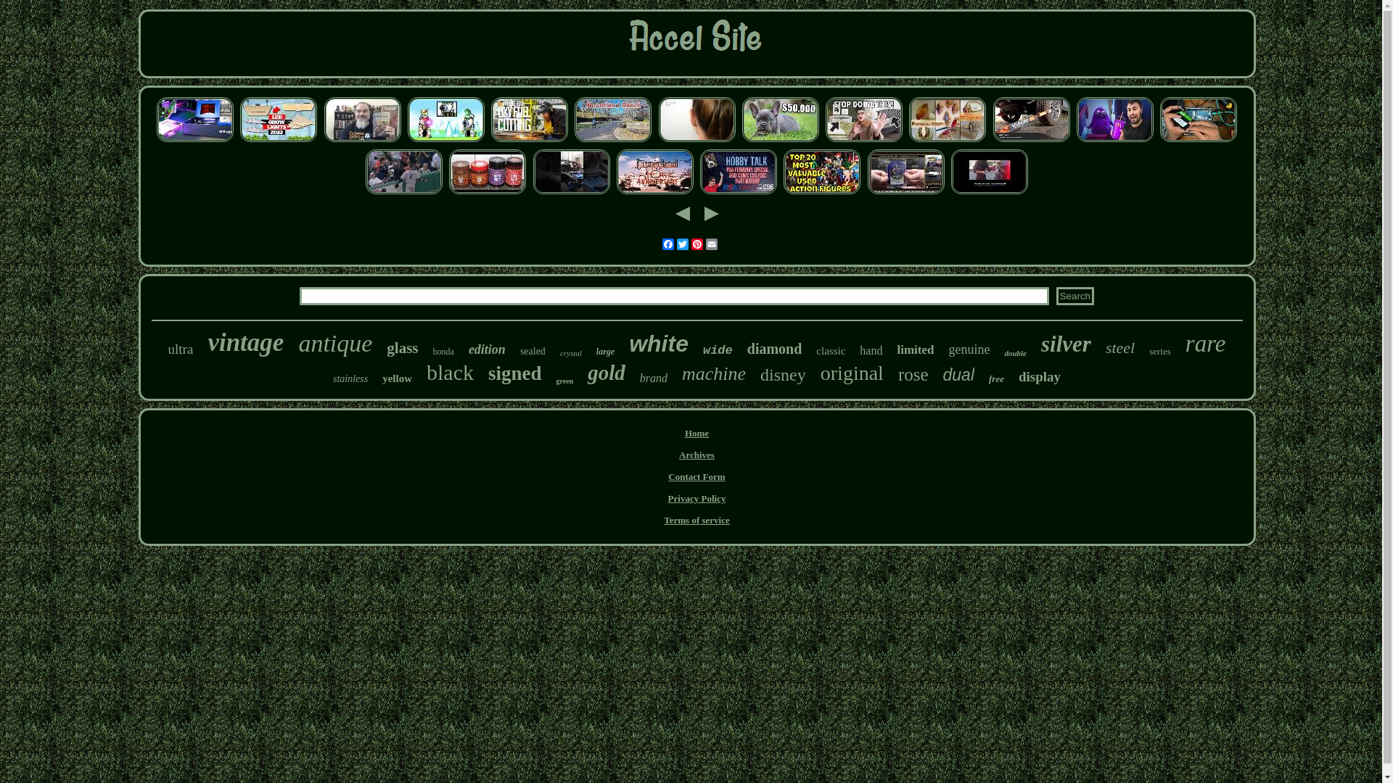  What do you see at coordinates (606, 372) in the screenshot?
I see `'gold'` at bounding box center [606, 372].